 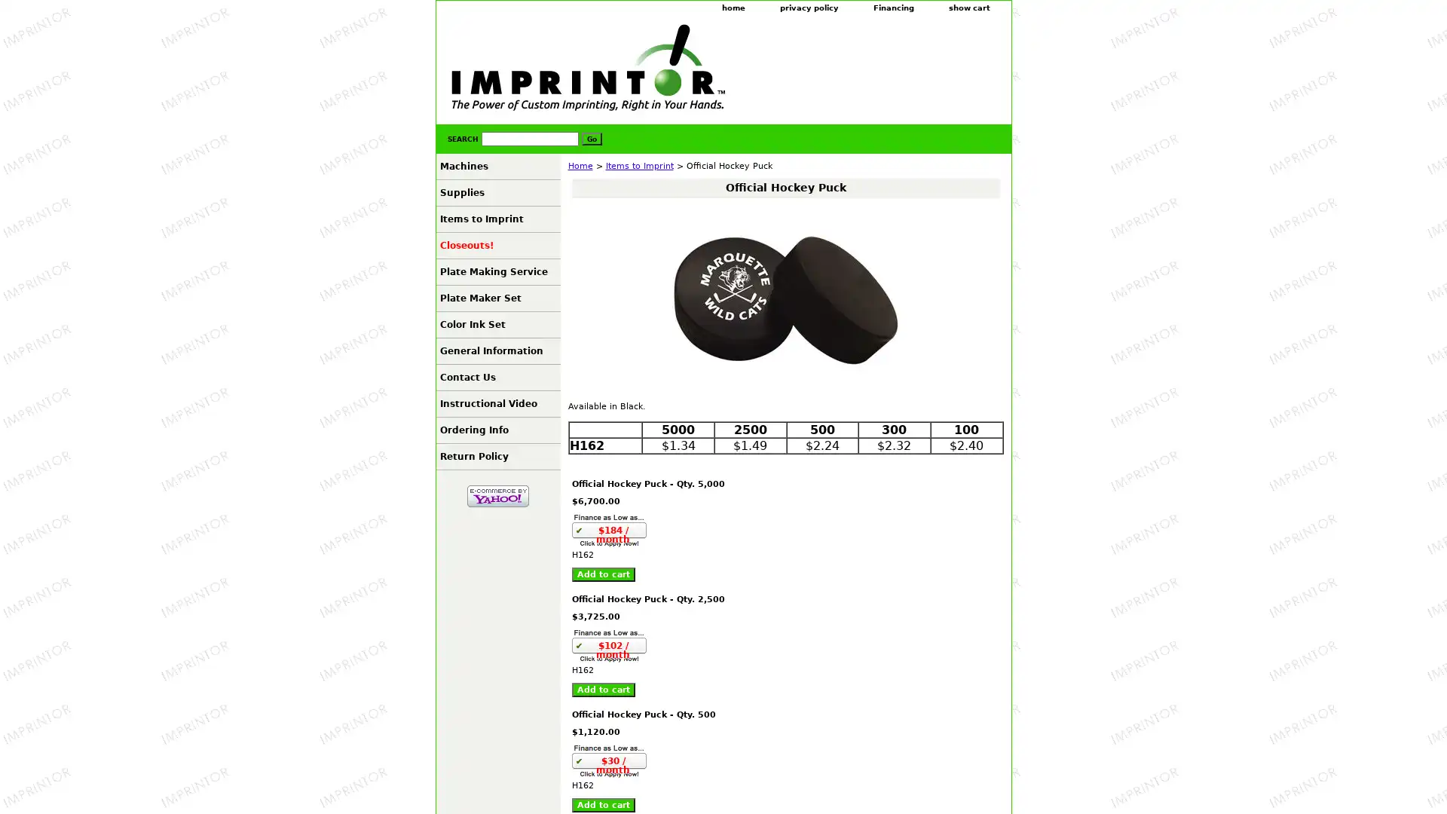 What do you see at coordinates (603, 690) in the screenshot?
I see `Add to cart` at bounding box center [603, 690].